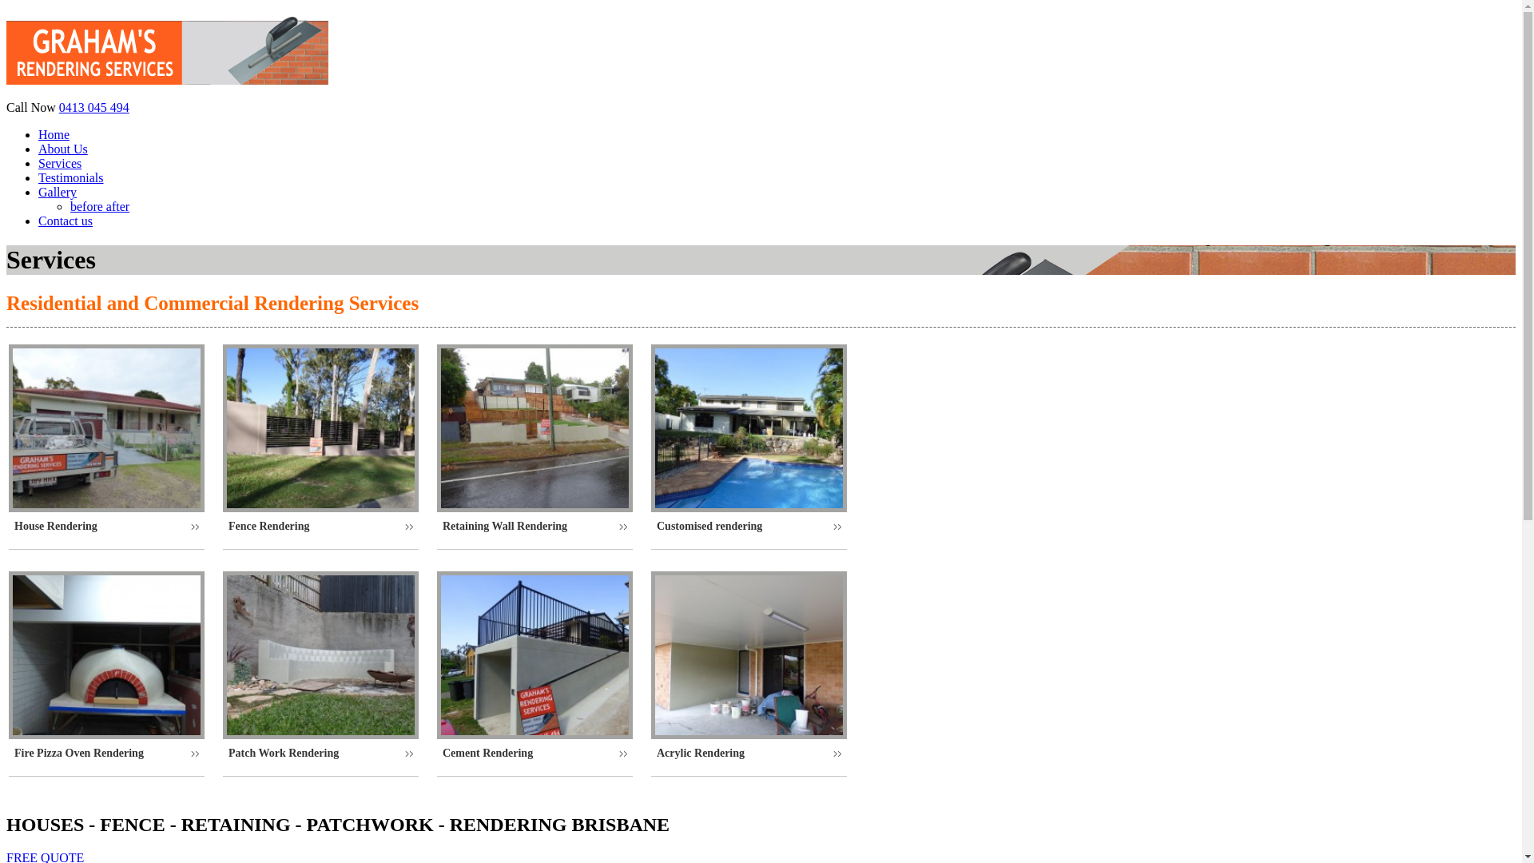 The height and width of the screenshot is (863, 1534). Describe the element at coordinates (70, 177) in the screenshot. I see `'Testimonials'` at that location.